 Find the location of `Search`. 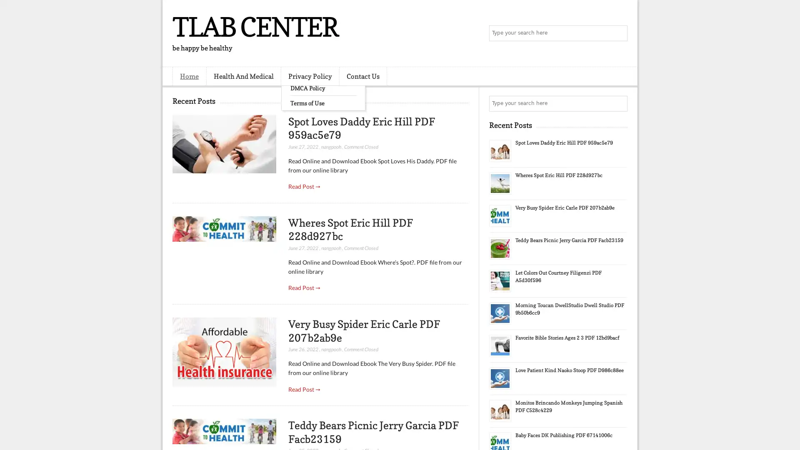

Search is located at coordinates (619, 33).